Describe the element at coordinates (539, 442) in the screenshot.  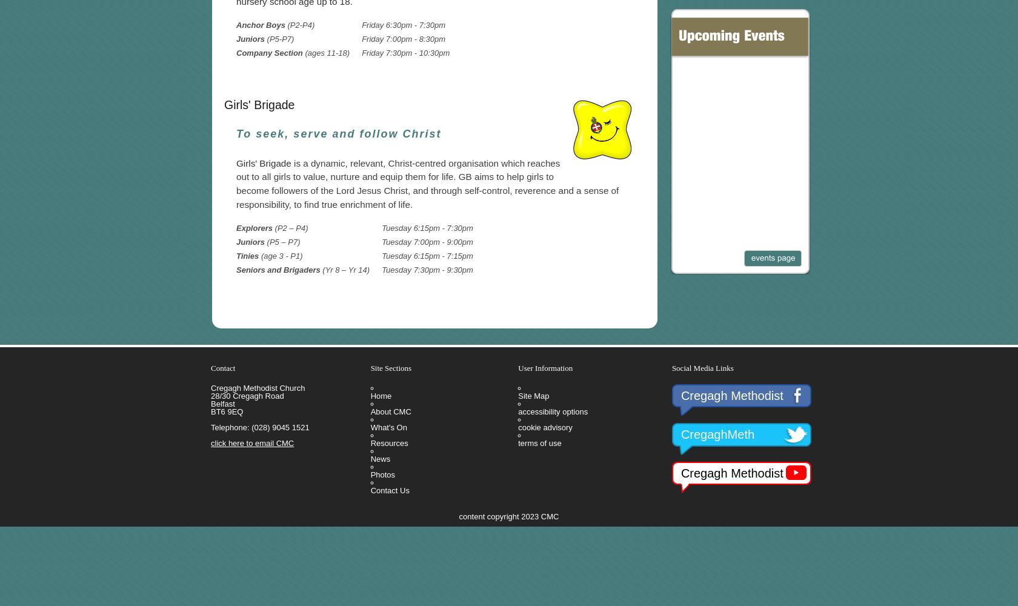
I see `'terms of use'` at that location.